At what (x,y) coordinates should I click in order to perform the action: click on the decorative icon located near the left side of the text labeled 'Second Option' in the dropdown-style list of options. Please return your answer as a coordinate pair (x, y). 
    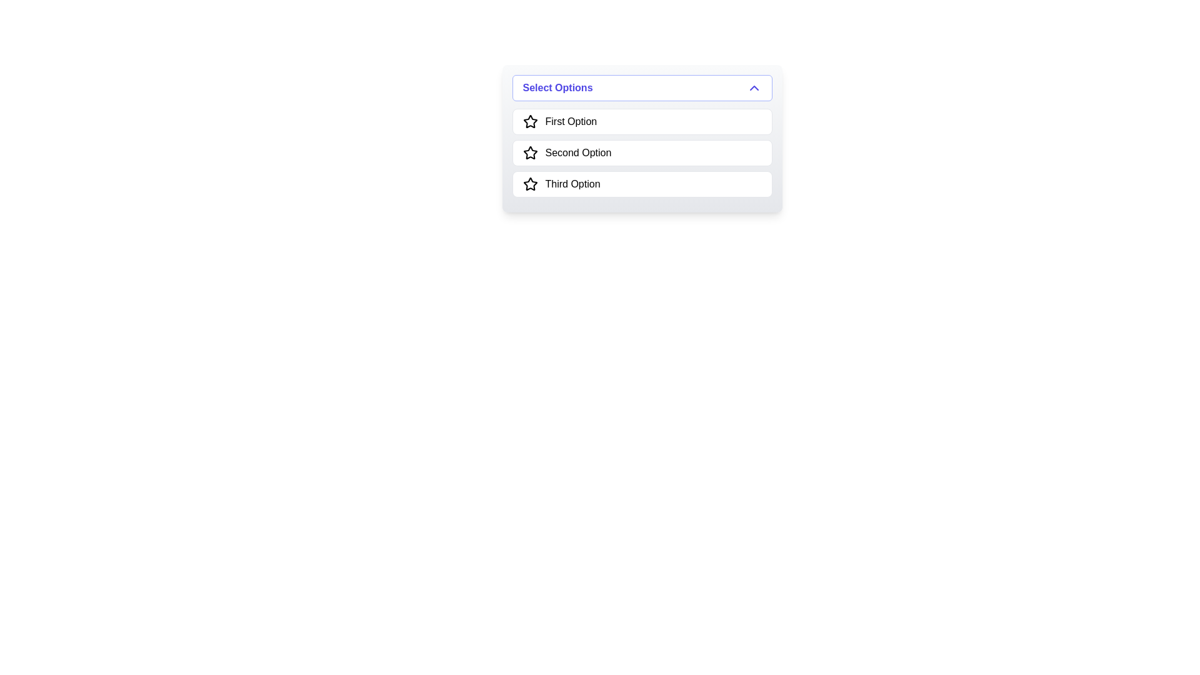
    Looking at the image, I should click on (530, 152).